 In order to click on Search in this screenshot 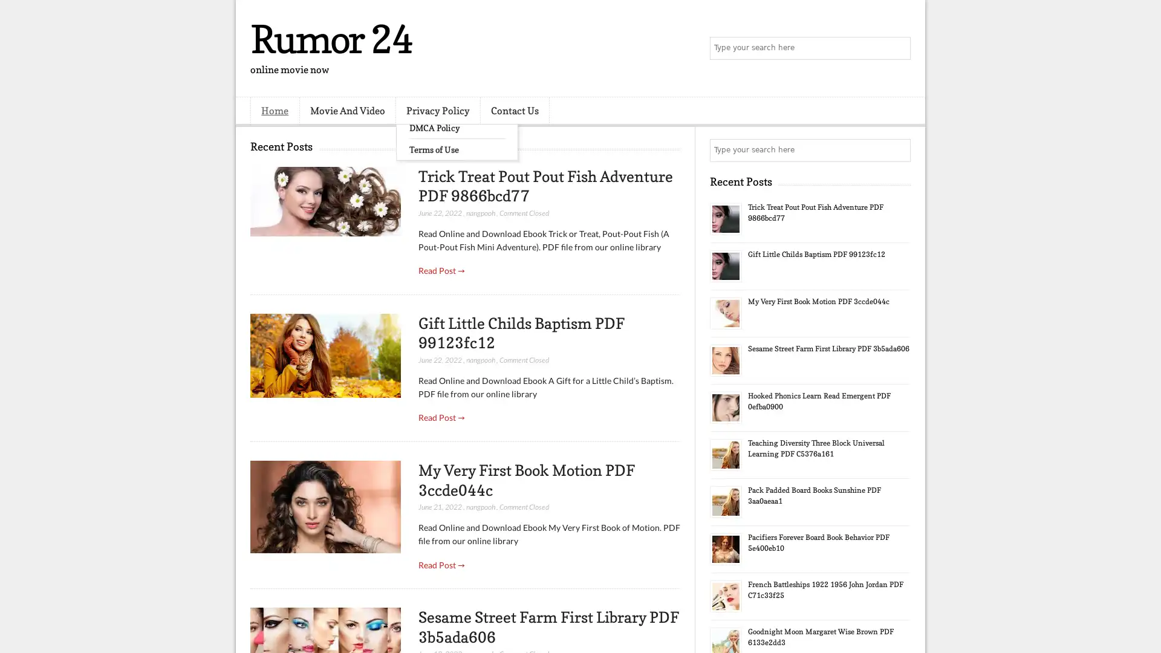, I will do `click(898, 150)`.